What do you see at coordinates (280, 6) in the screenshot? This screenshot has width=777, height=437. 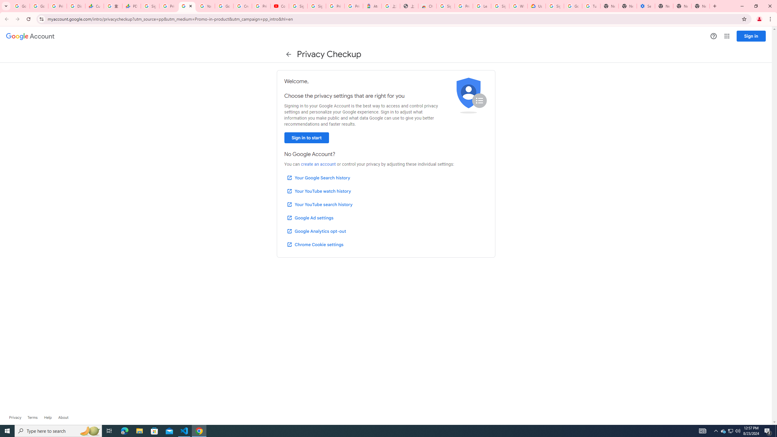 I see `'Content Creator Programs & Opportunities - YouTube Creators'` at bounding box center [280, 6].